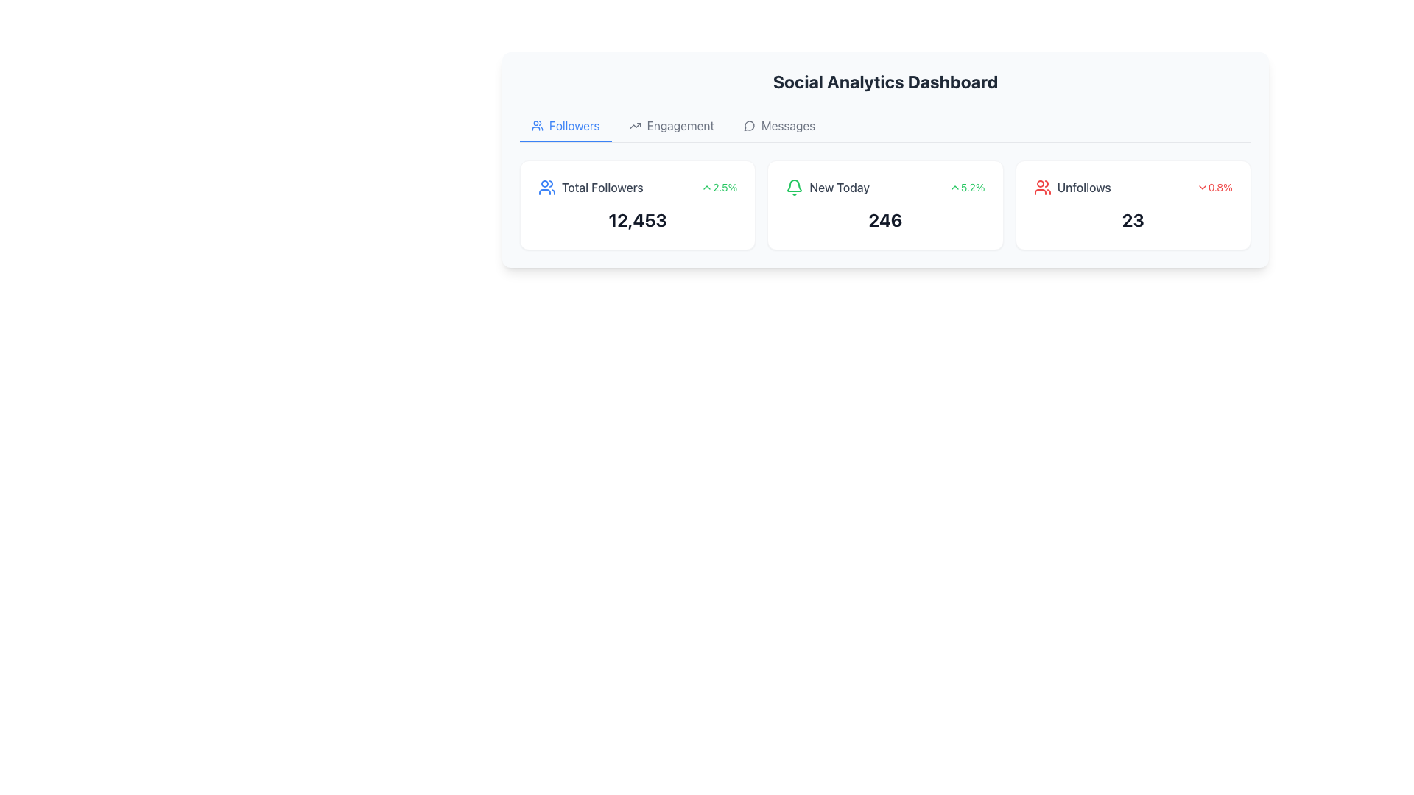 This screenshot has height=795, width=1414. Describe the element at coordinates (884, 82) in the screenshot. I see `the 'Social Analytics Dashboard' heading text for accessibility navigation` at that location.